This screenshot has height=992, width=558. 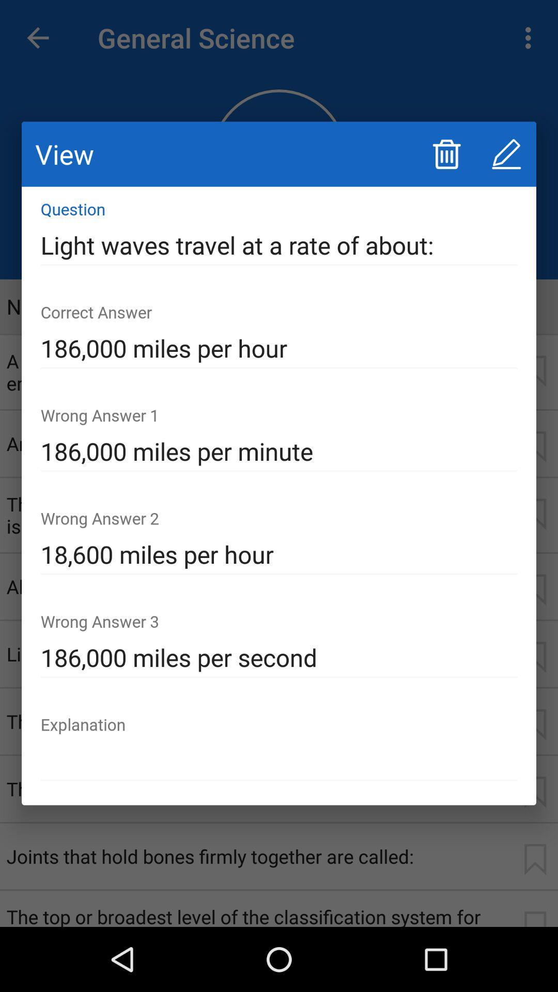 What do you see at coordinates (279, 761) in the screenshot?
I see `the` at bounding box center [279, 761].